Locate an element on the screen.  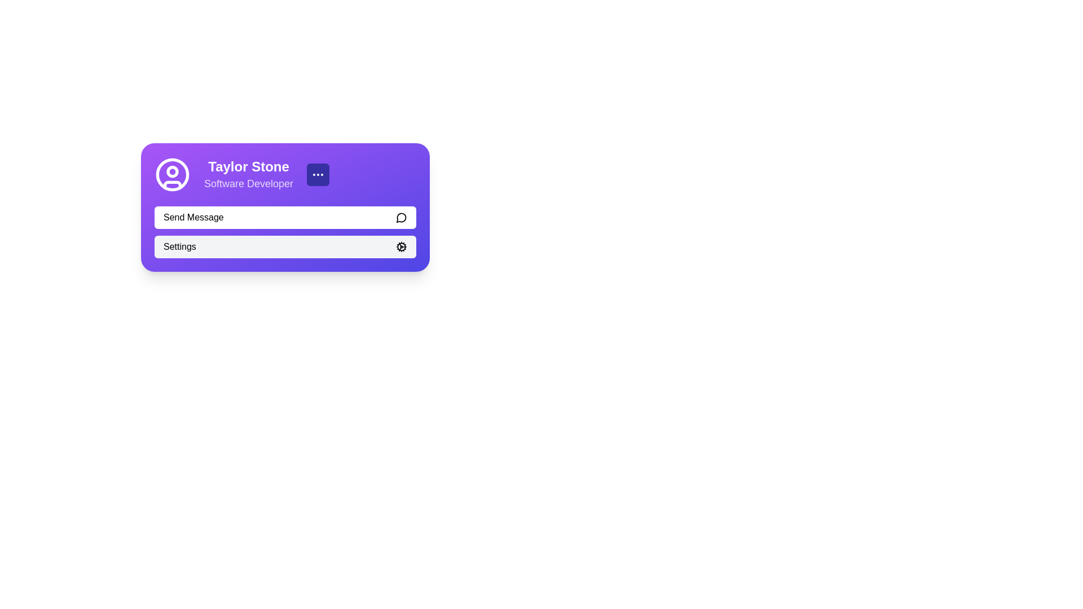
the 'Send Message' button located under the title 'Taylor Stone - Software Developer' is located at coordinates (285, 217).